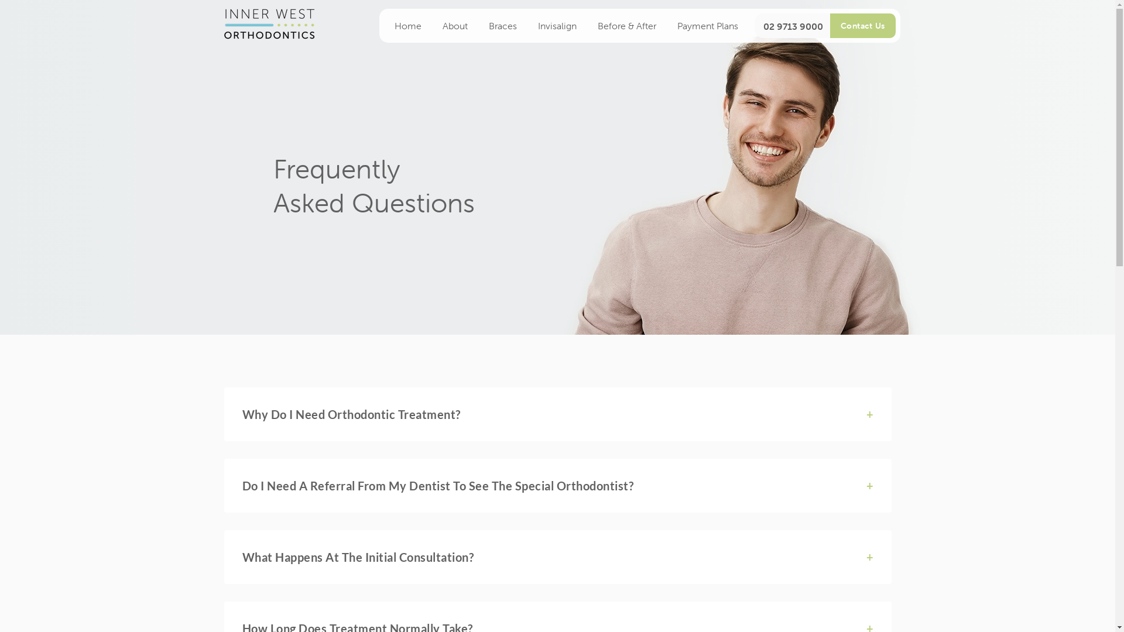 Image resolution: width=1124 pixels, height=632 pixels. Describe the element at coordinates (502, 25) in the screenshot. I see `'Braces'` at that location.